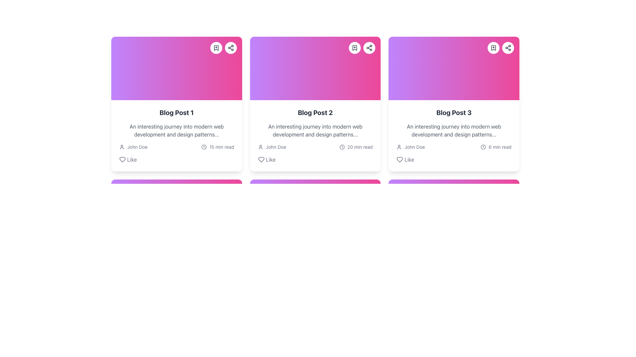 The height and width of the screenshot is (357, 636). What do you see at coordinates (222, 146) in the screenshot?
I see `the text label displaying '15 min read', located at the bottom right of the first card, next to the clock icon` at bounding box center [222, 146].